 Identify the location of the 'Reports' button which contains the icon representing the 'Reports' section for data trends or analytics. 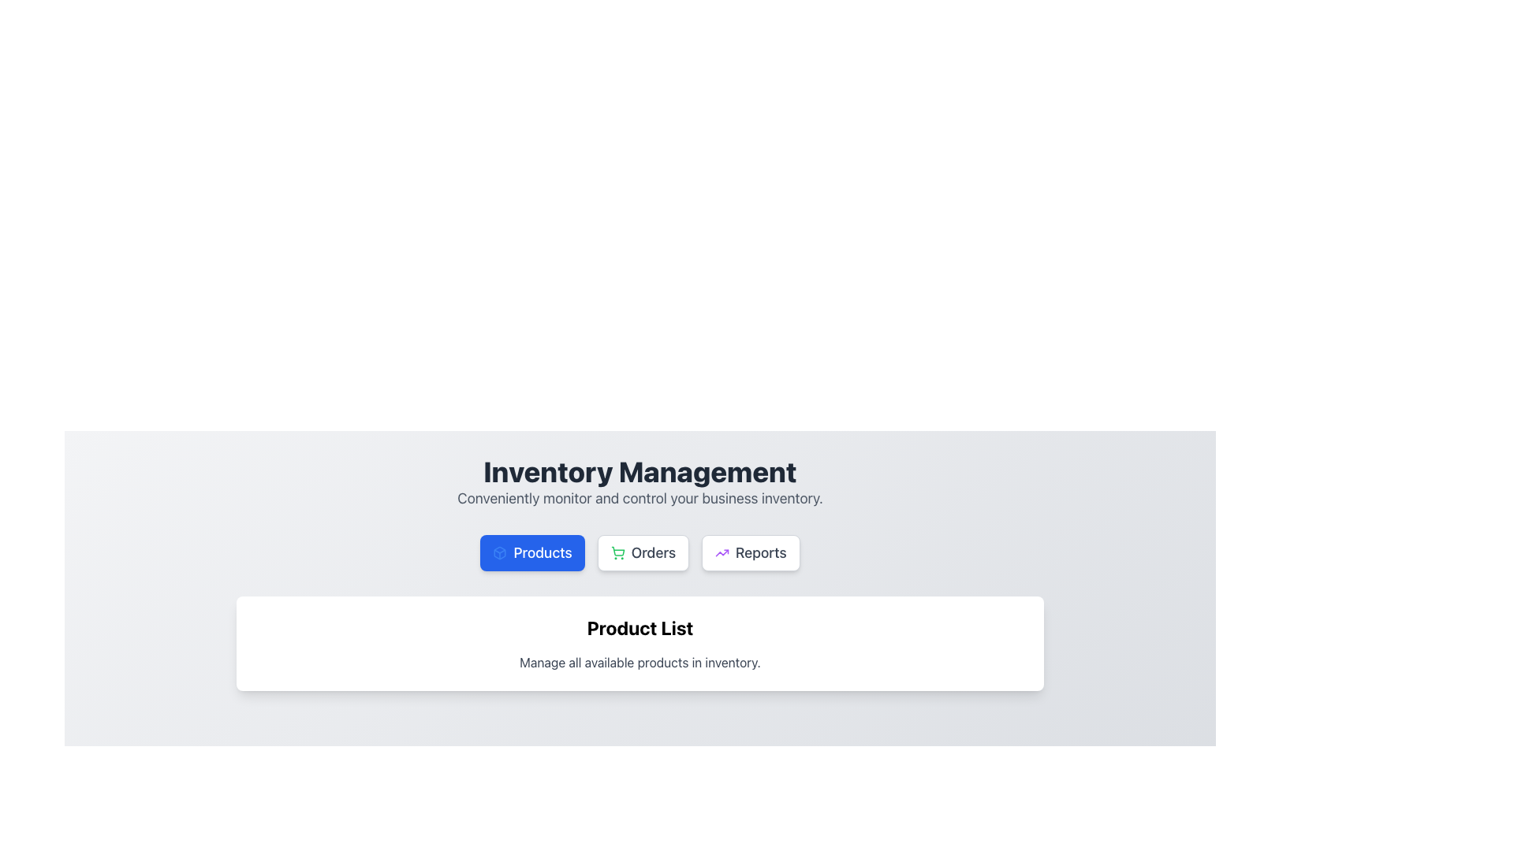
(722, 552).